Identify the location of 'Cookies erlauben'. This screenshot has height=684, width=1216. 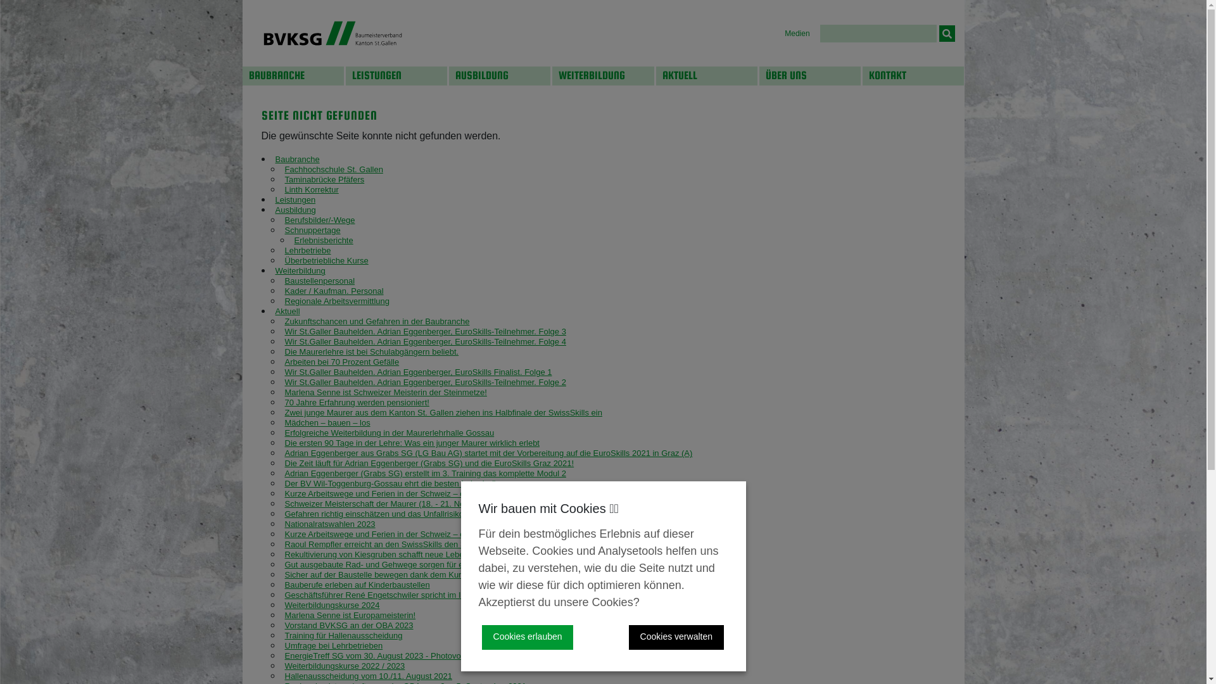
(528, 637).